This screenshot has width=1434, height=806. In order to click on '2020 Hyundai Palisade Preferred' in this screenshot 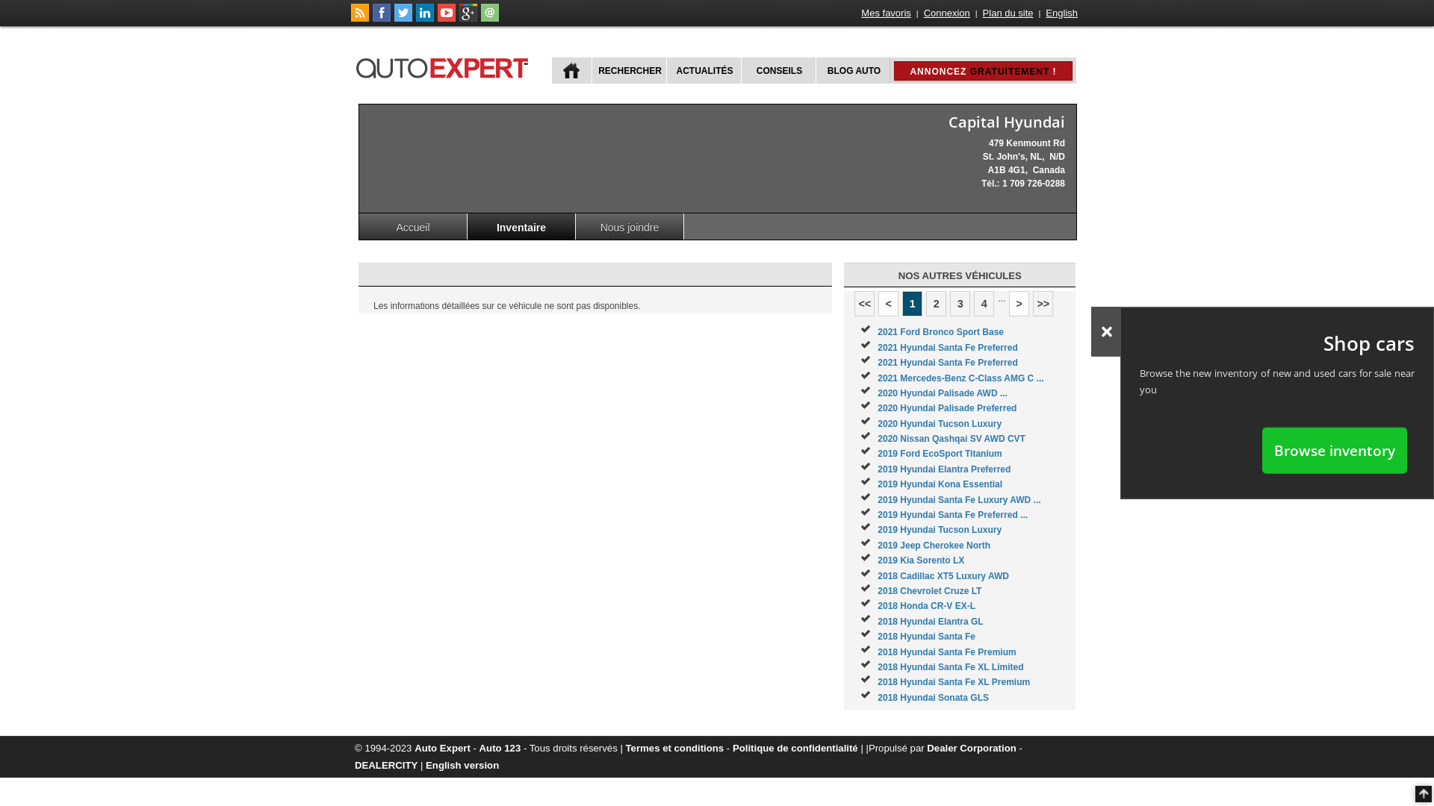, I will do `click(946, 408)`.